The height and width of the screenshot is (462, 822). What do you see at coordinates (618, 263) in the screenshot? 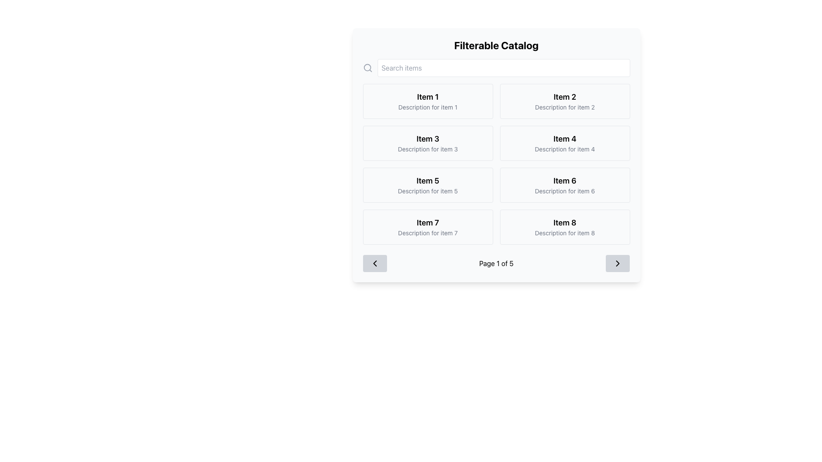
I see `the right-pointing chevron icon within the pagination controls button` at bounding box center [618, 263].